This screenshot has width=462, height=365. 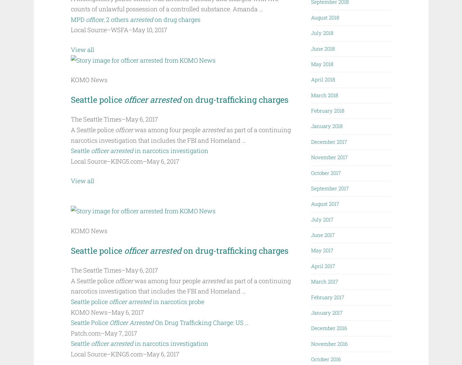 I want to click on 'in narcotics probe', so click(x=178, y=302).